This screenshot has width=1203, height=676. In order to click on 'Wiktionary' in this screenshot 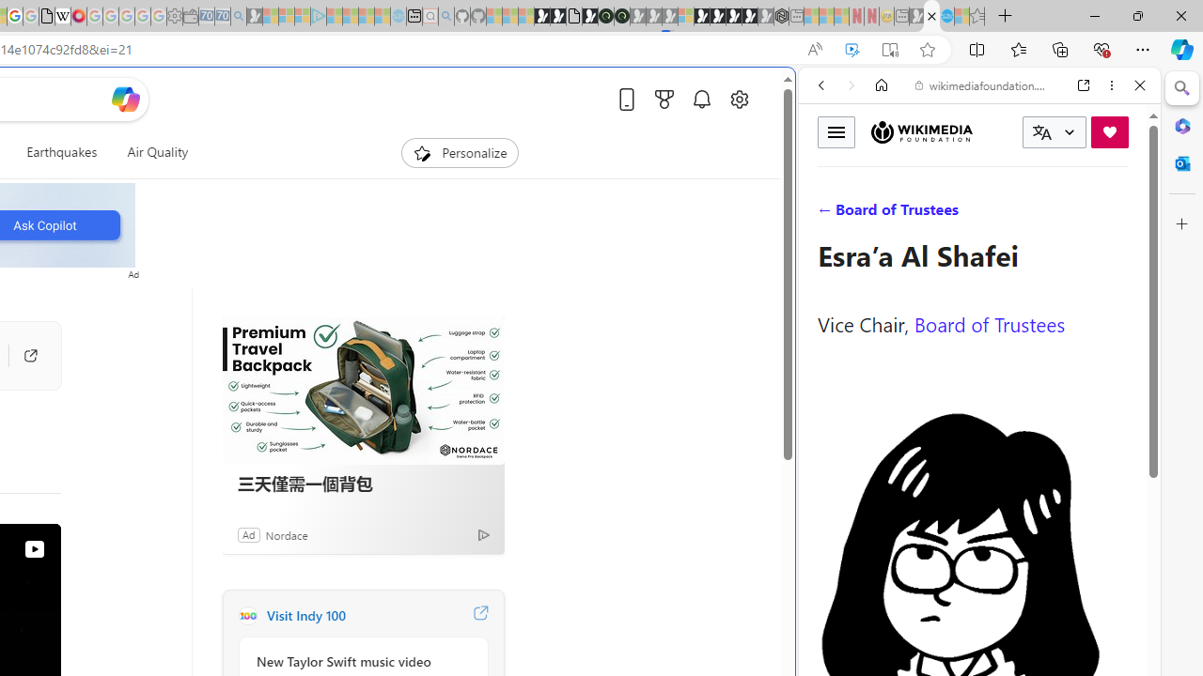, I will do `click(972, 628)`.